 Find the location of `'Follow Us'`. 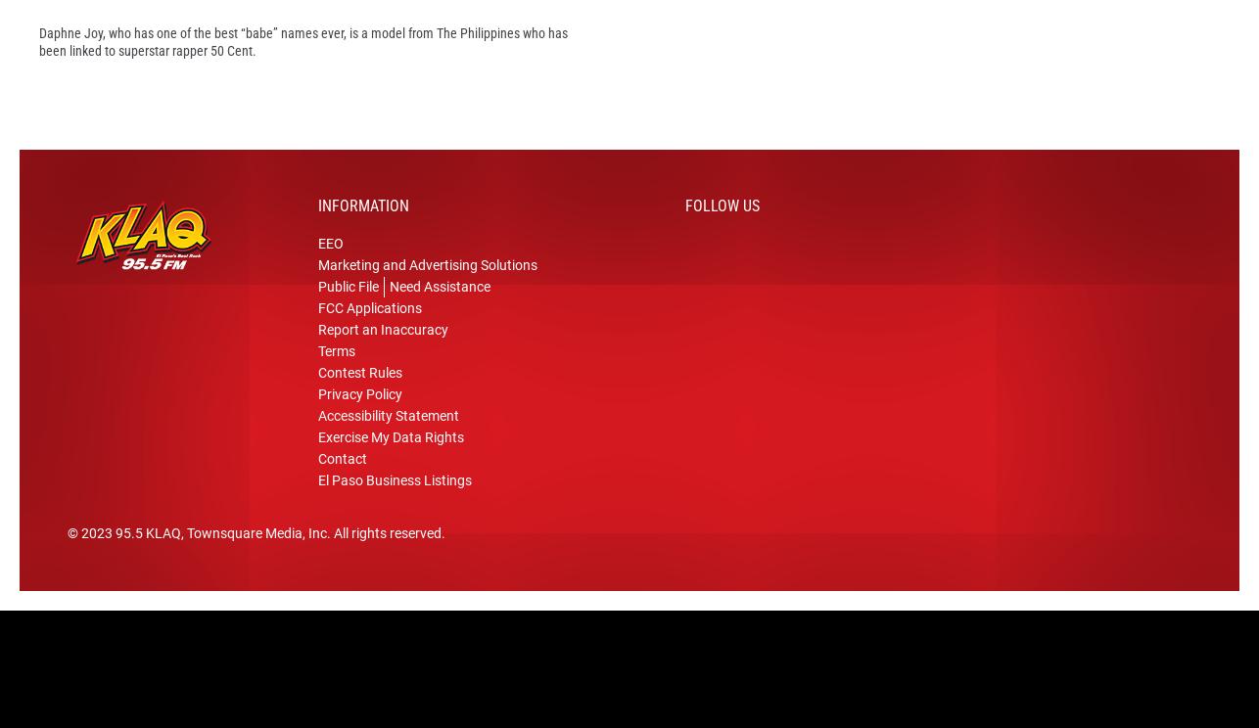

'Follow Us' is located at coordinates (684, 235).